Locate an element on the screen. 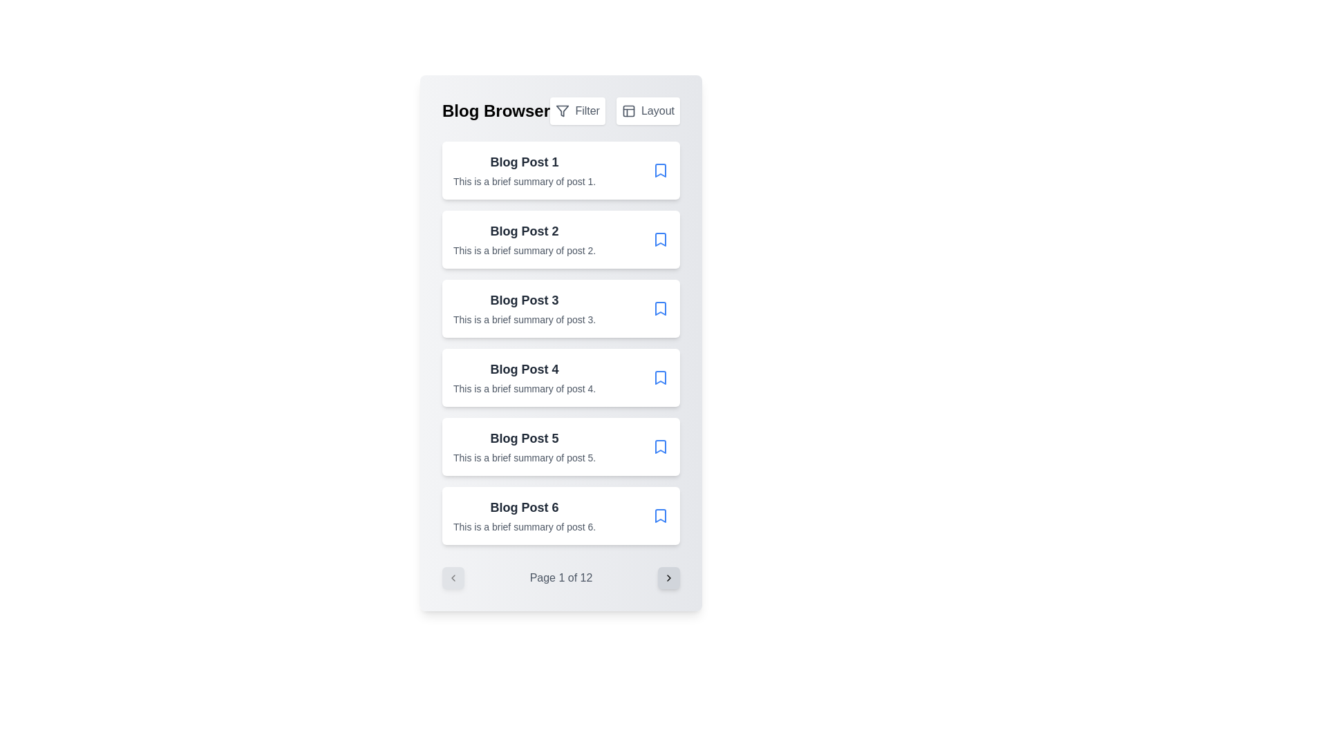 The image size is (1327, 746). the second button in the group adjacent to the 'Filter' button, located in the top section of the 'Blog Browser' interface is located at coordinates (647, 111).